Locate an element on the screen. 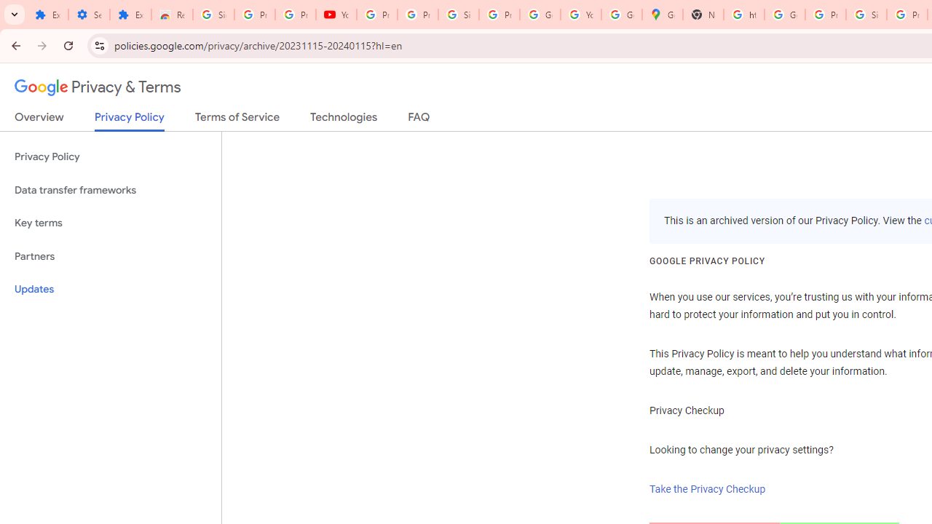 This screenshot has width=932, height=524. 'YouTube' is located at coordinates (336, 15).